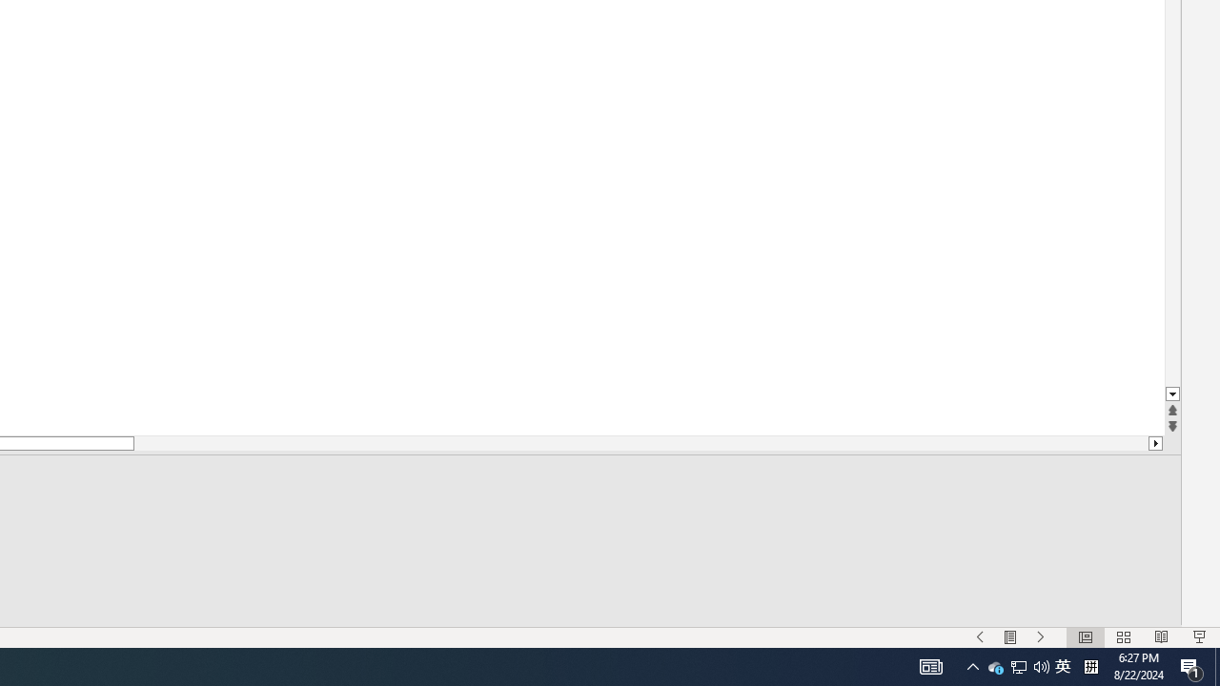 The width and height of the screenshot is (1220, 686). What do you see at coordinates (980, 637) in the screenshot?
I see `'Menu On'` at bounding box center [980, 637].